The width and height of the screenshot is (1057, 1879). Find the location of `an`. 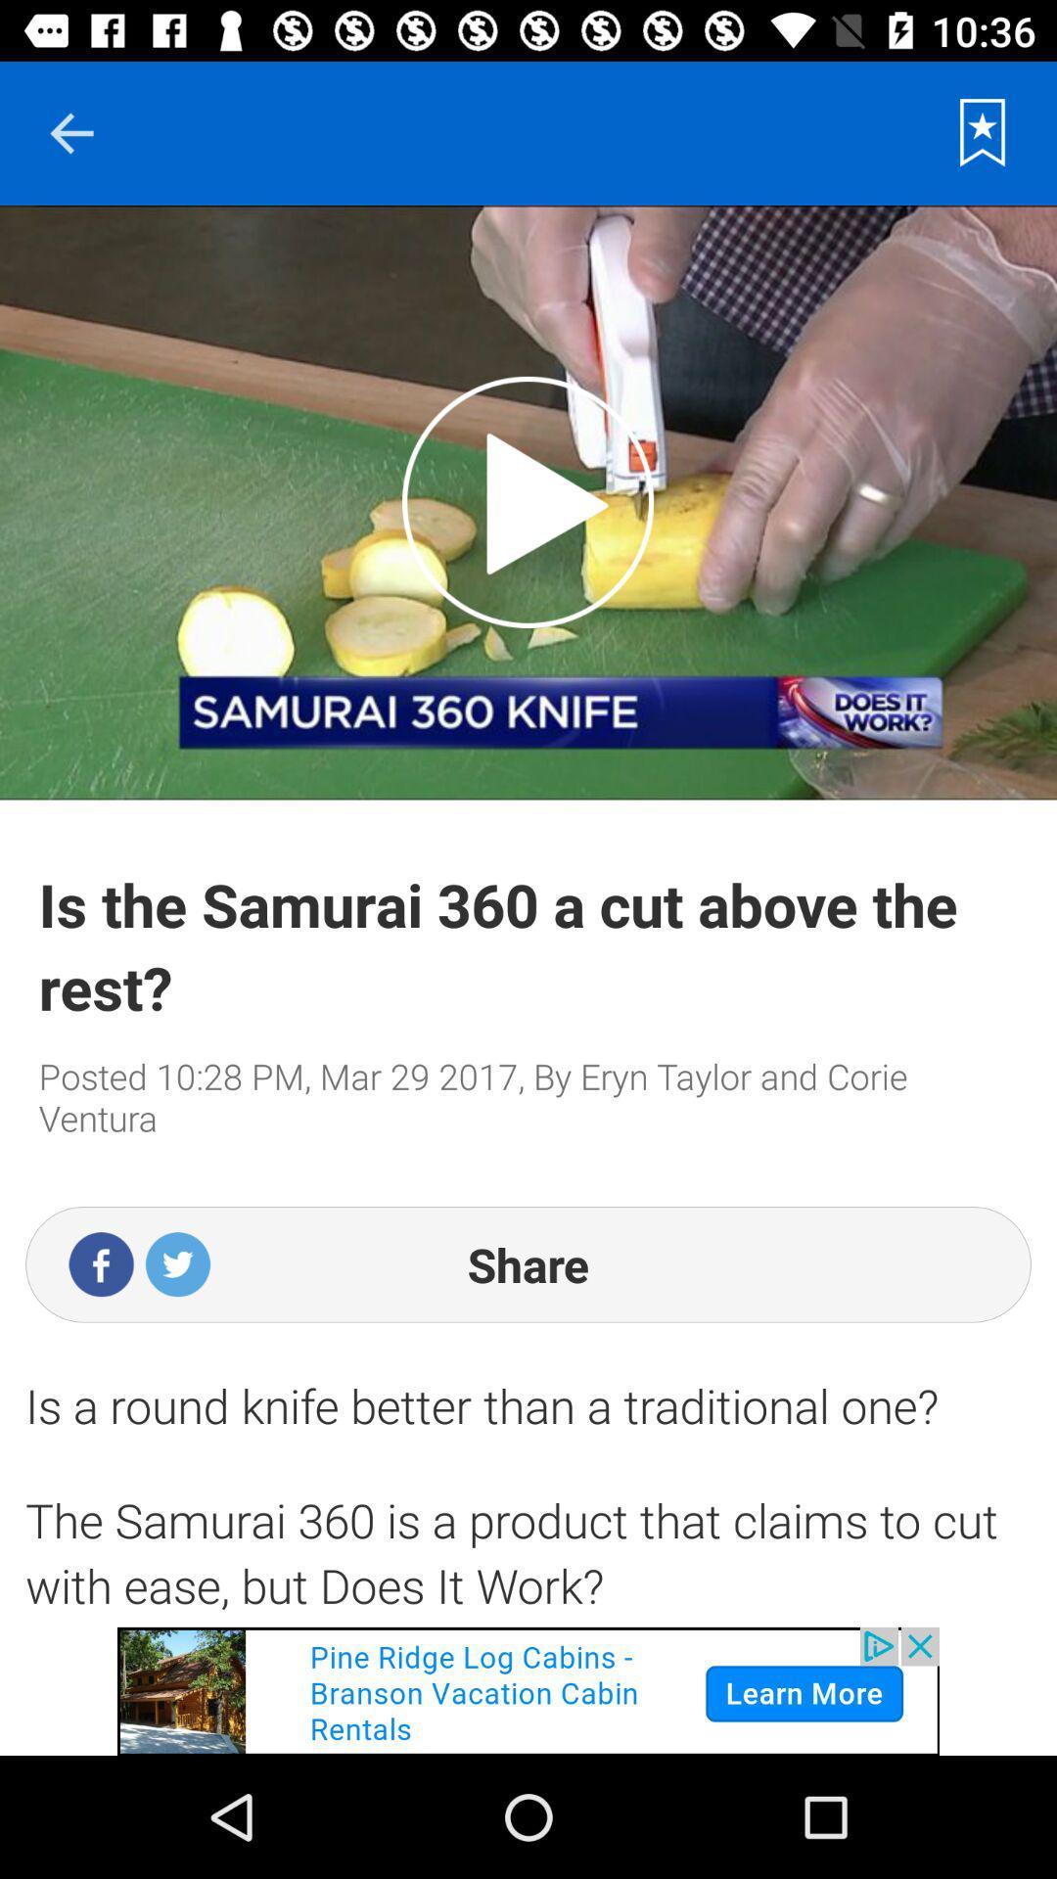

an is located at coordinates (527, 502).